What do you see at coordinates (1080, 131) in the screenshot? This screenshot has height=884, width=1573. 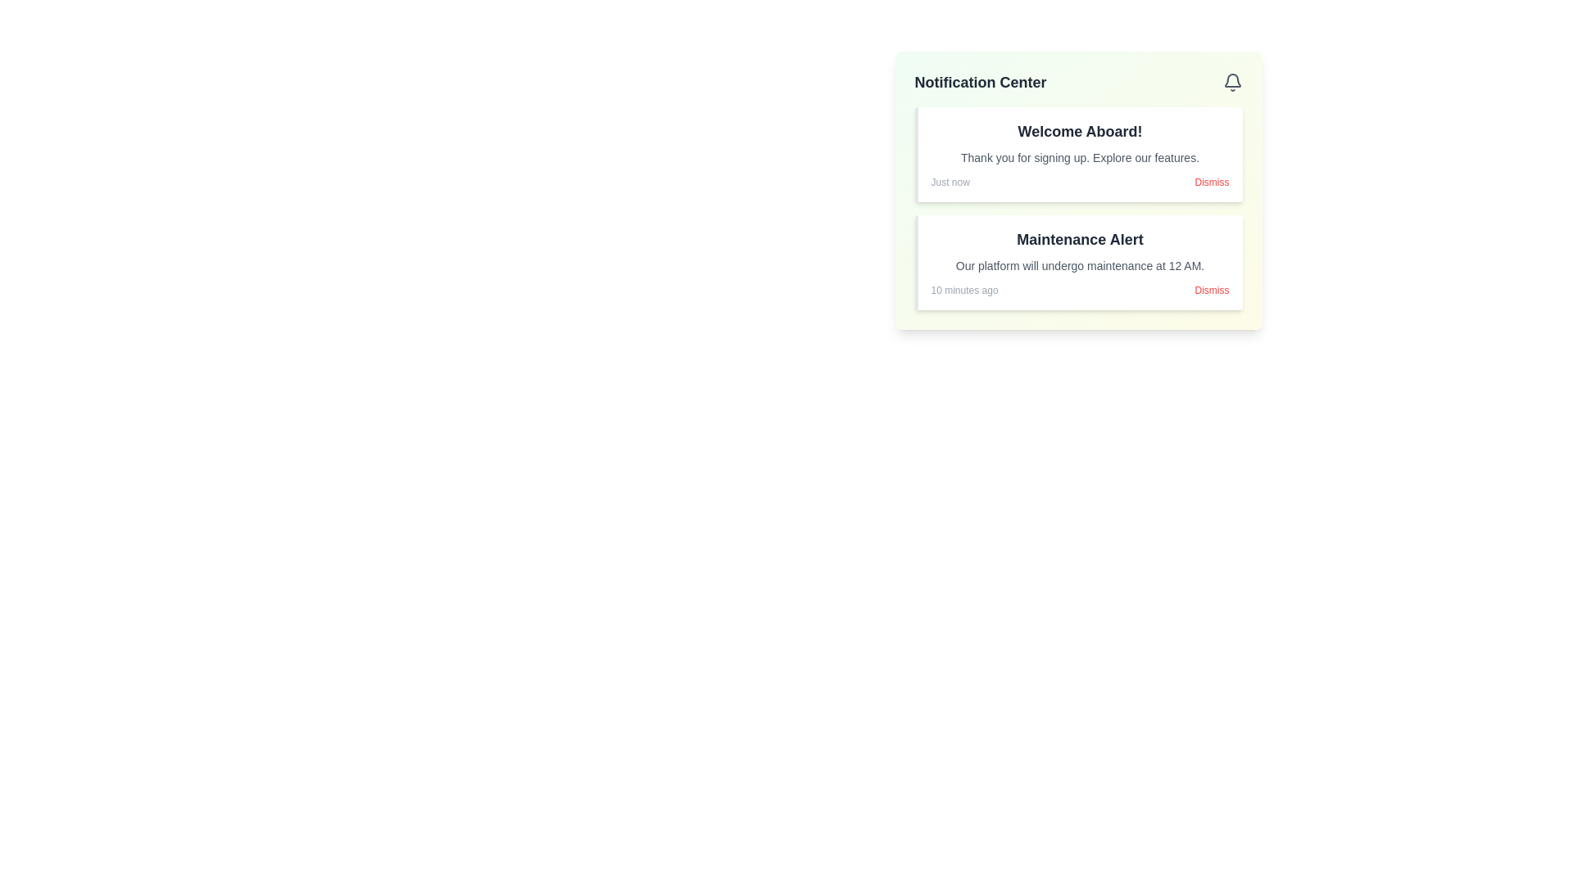 I see `header text label located at the top center of the notification panel, which welcomes the user to the application` at bounding box center [1080, 131].